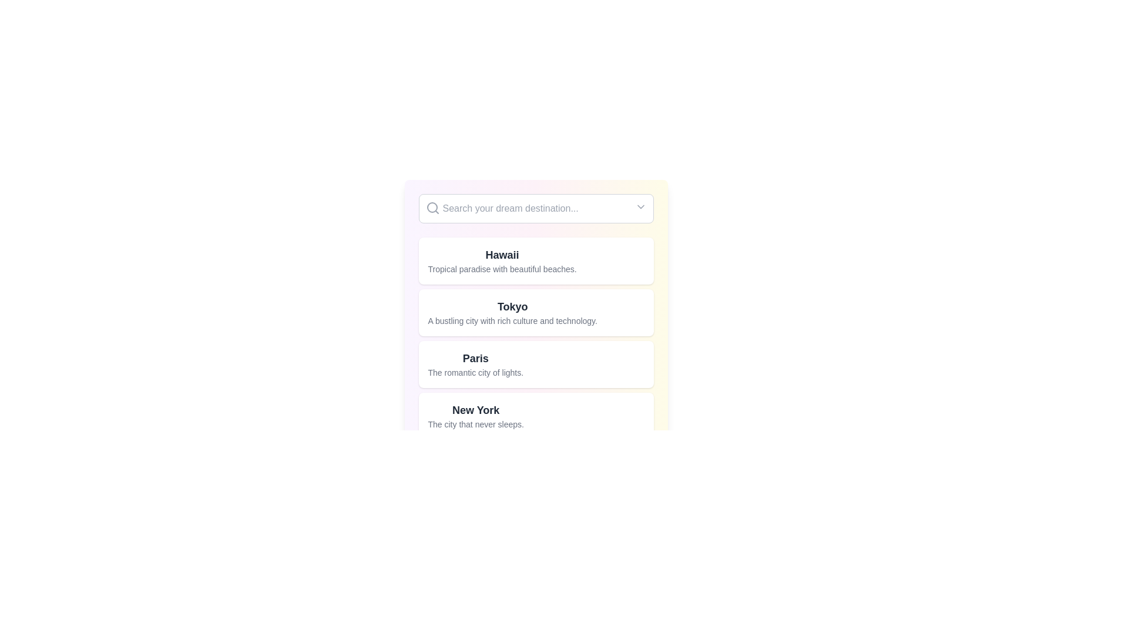  Describe the element at coordinates (502, 260) in the screenshot. I see `the first list item containing the title 'Hawaii' and the description 'Tropical paradise with beautiful beaches.'` at that location.